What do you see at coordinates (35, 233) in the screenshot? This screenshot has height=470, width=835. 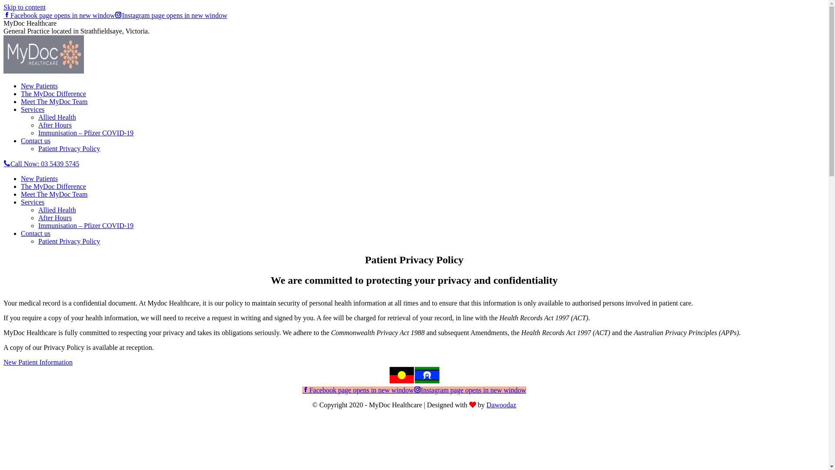 I see `'Contact us'` at bounding box center [35, 233].